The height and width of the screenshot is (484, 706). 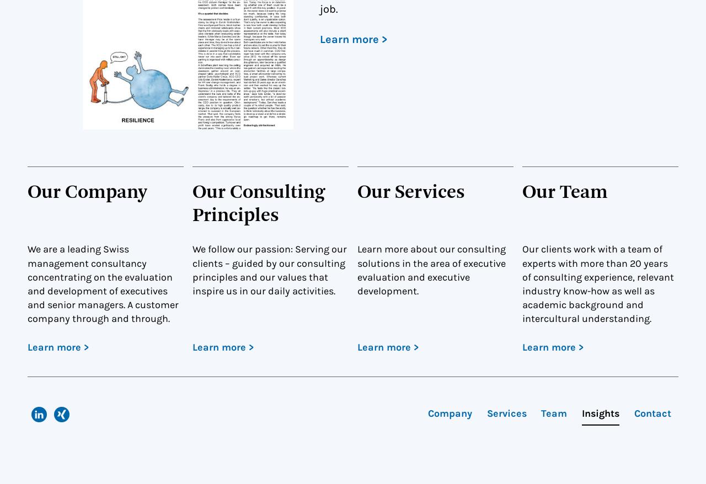 I want to click on 'Learn more >', so click(x=354, y=39).